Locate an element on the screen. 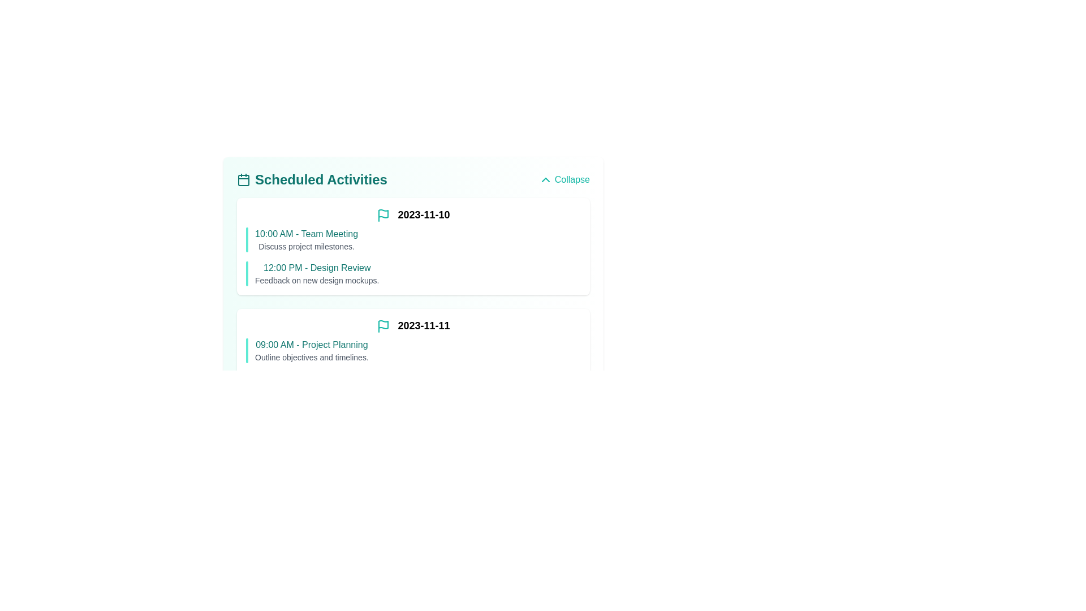 This screenshot has width=1086, height=611. displayed content of the first scheduled activity element, which is positioned under the 'Scheduled Activities' header for '2023-11-10', located to the left of a vertical teal line is located at coordinates (307, 239).